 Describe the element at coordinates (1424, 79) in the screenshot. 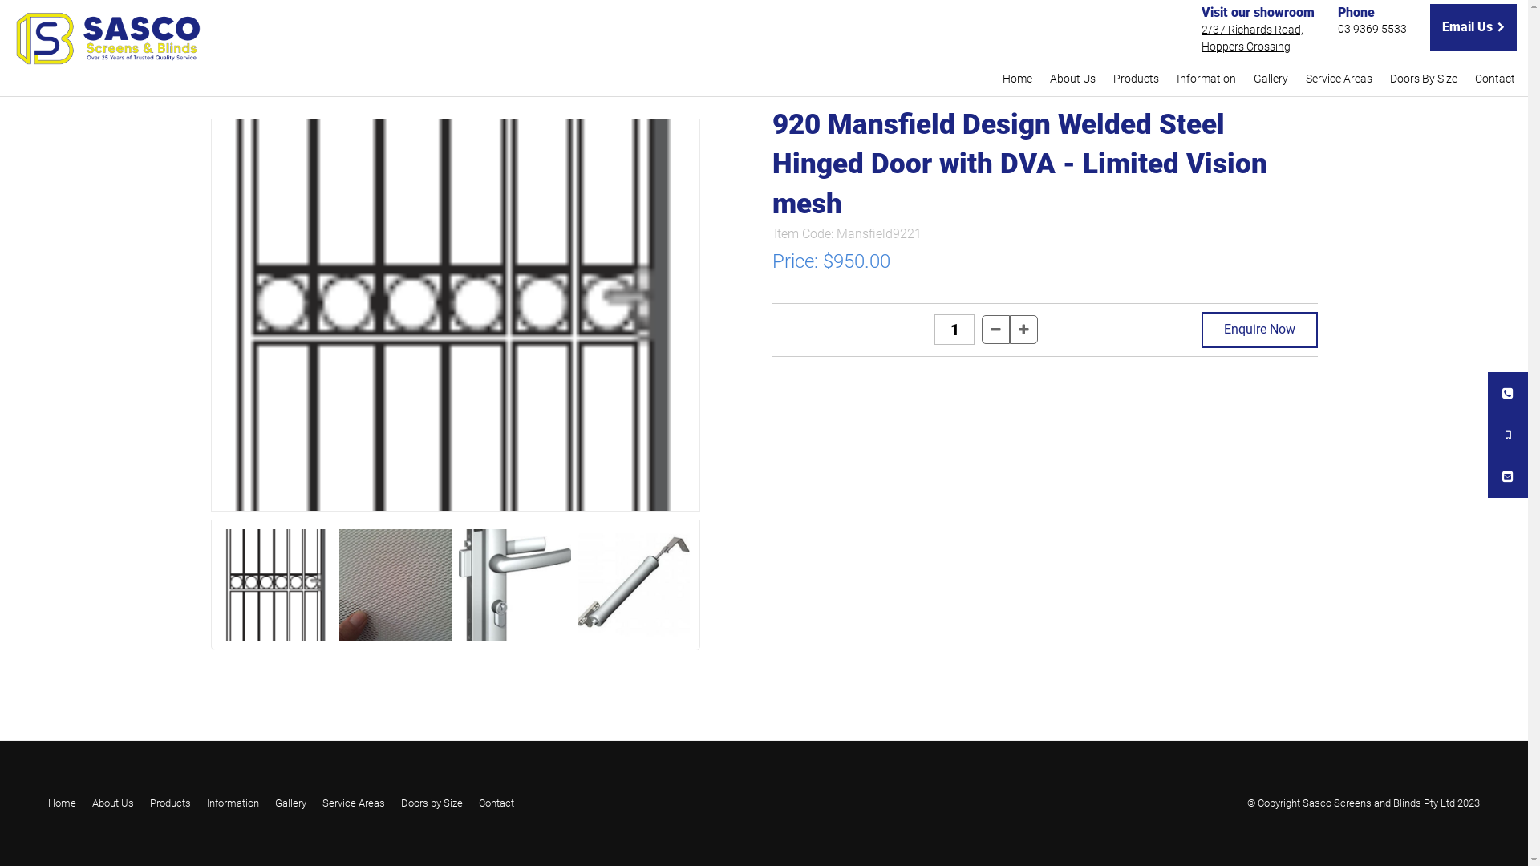

I see `'Doors By Size'` at that location.